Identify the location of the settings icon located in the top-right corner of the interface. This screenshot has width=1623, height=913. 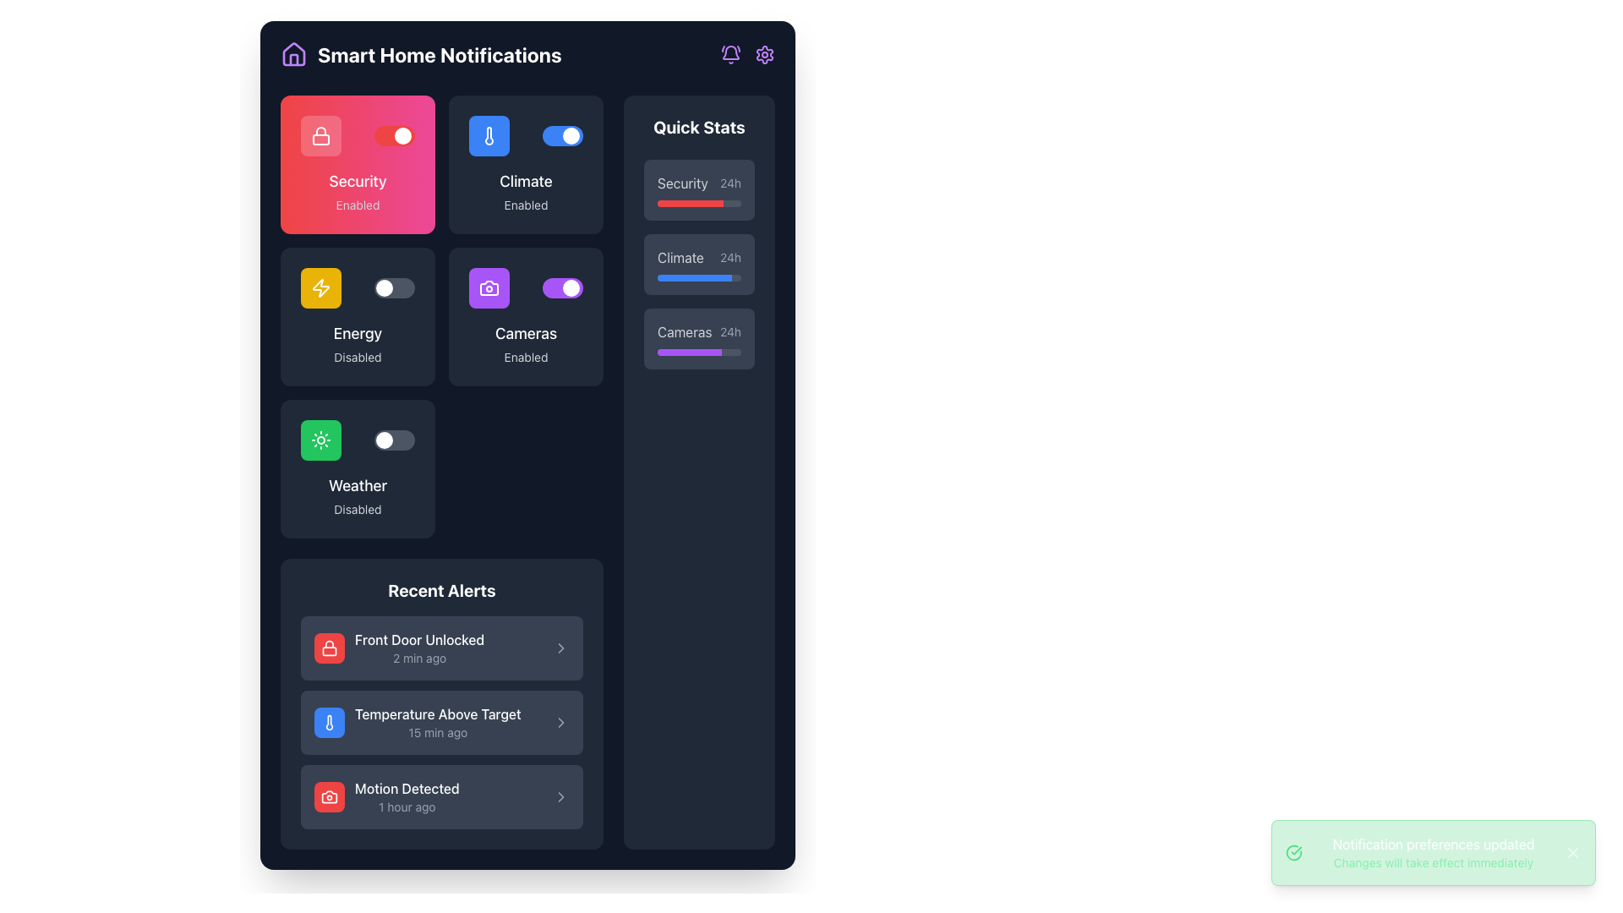
(764, 54).